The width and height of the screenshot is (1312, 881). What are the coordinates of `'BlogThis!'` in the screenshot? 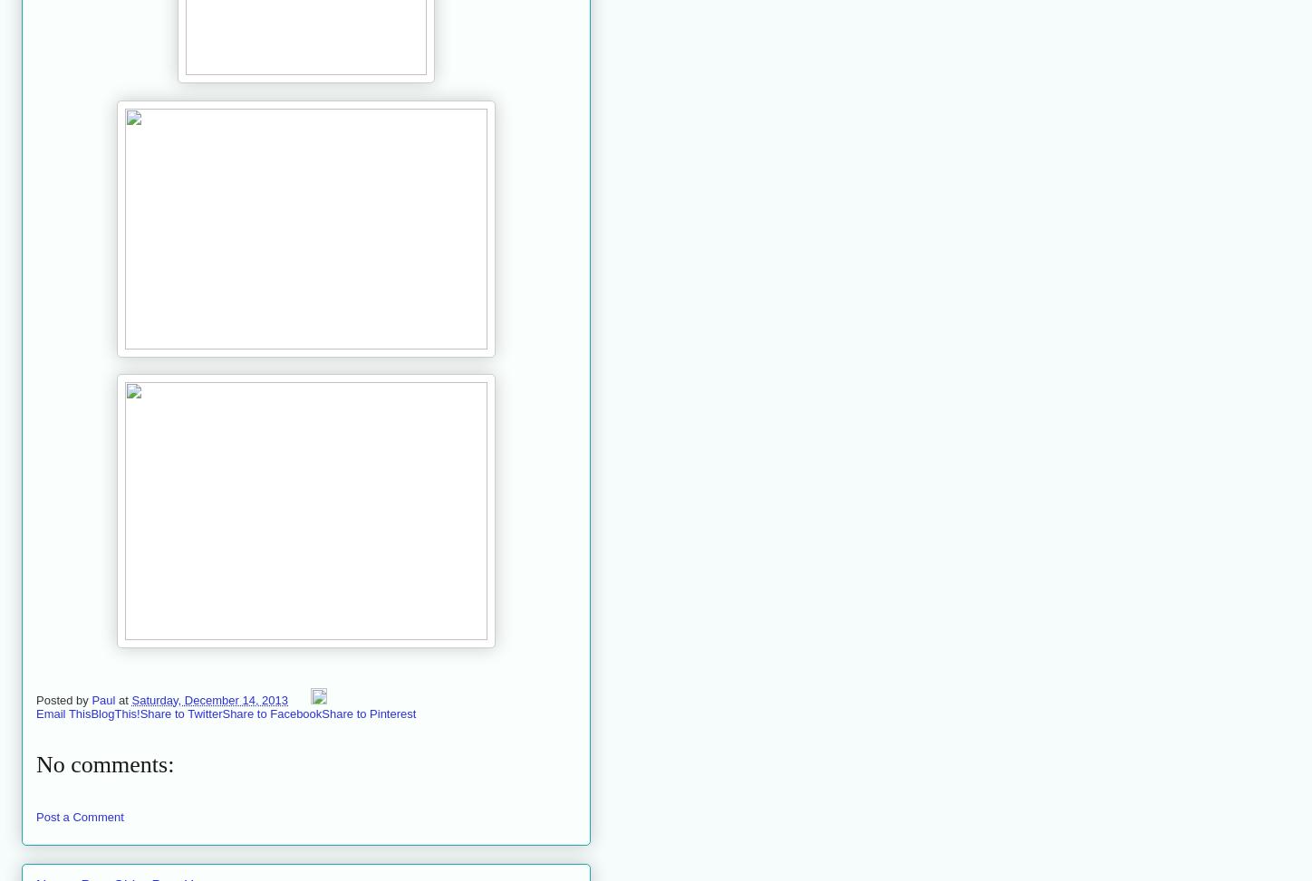 It's located at (113, 712).